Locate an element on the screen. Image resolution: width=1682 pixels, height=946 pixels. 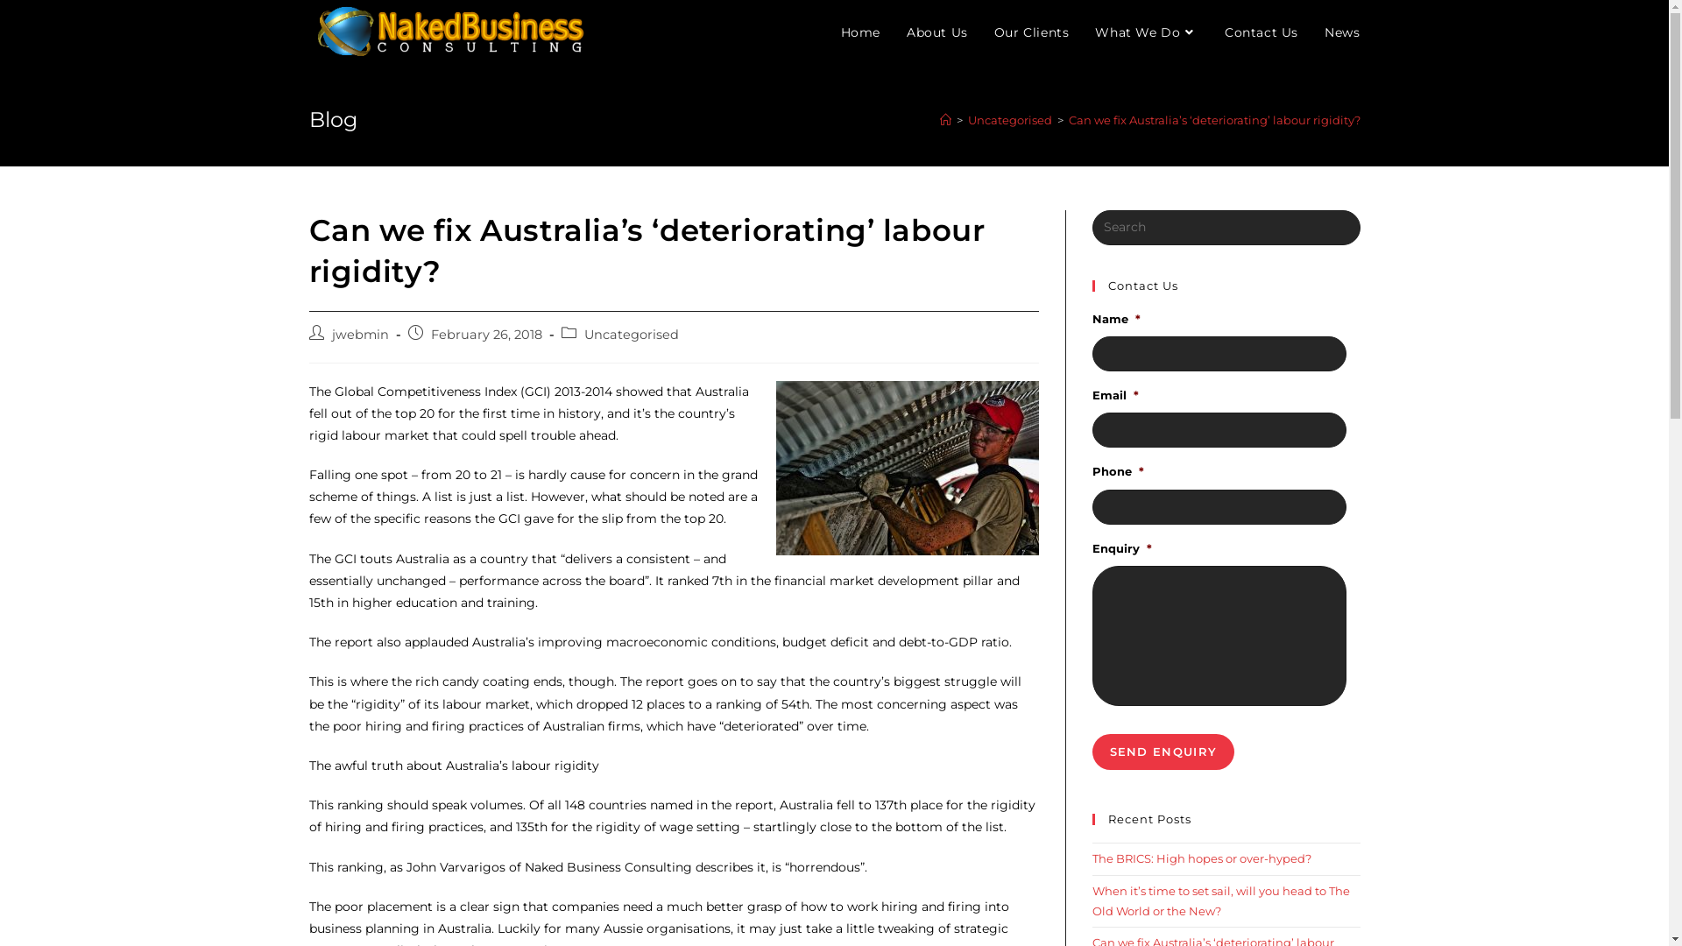
'Our Clients' is located at coordinates (979, 32).